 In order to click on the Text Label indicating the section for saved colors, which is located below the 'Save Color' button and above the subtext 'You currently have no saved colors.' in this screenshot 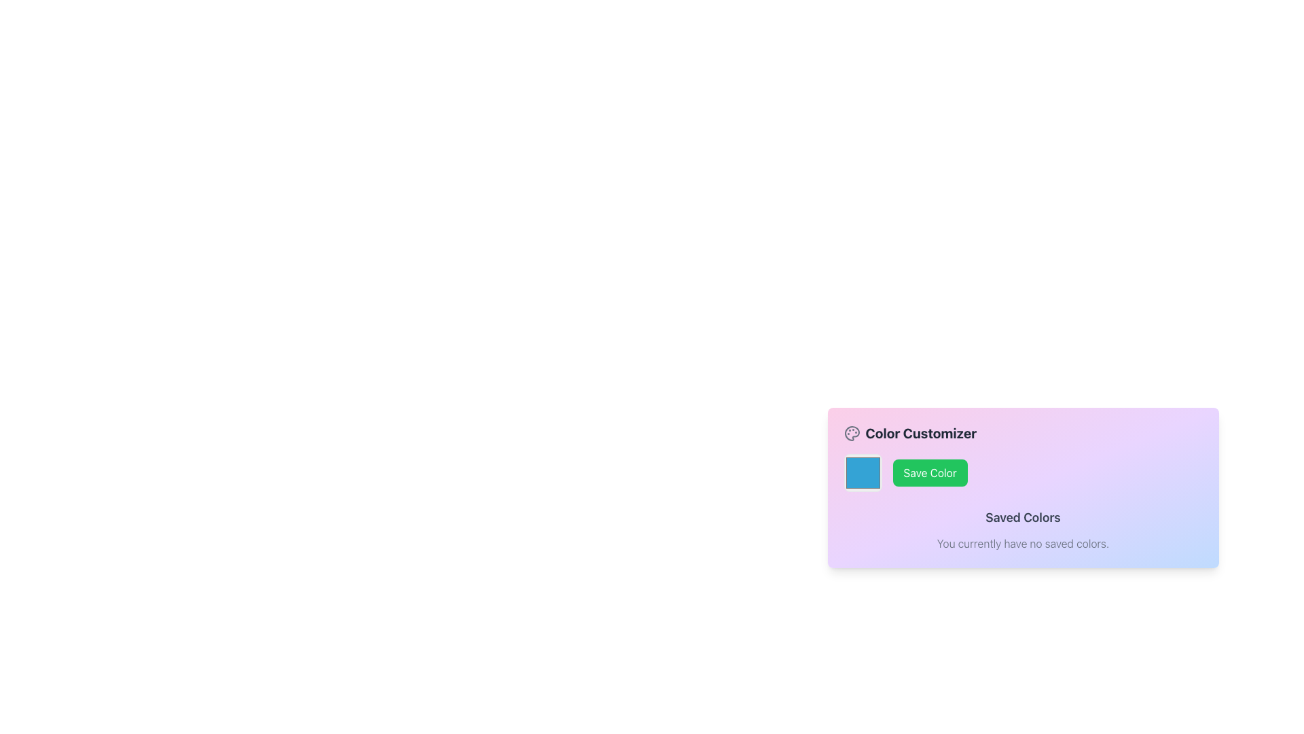, I will do `click(1023, 518)`.